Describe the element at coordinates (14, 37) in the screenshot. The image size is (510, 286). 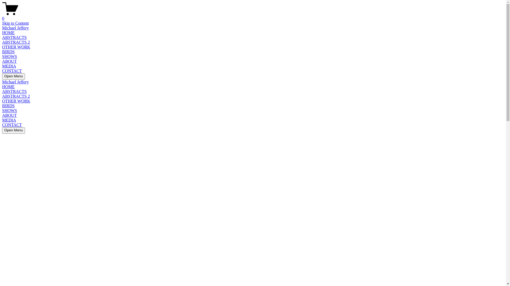
I see `'ABSTRACTS'` at that location.